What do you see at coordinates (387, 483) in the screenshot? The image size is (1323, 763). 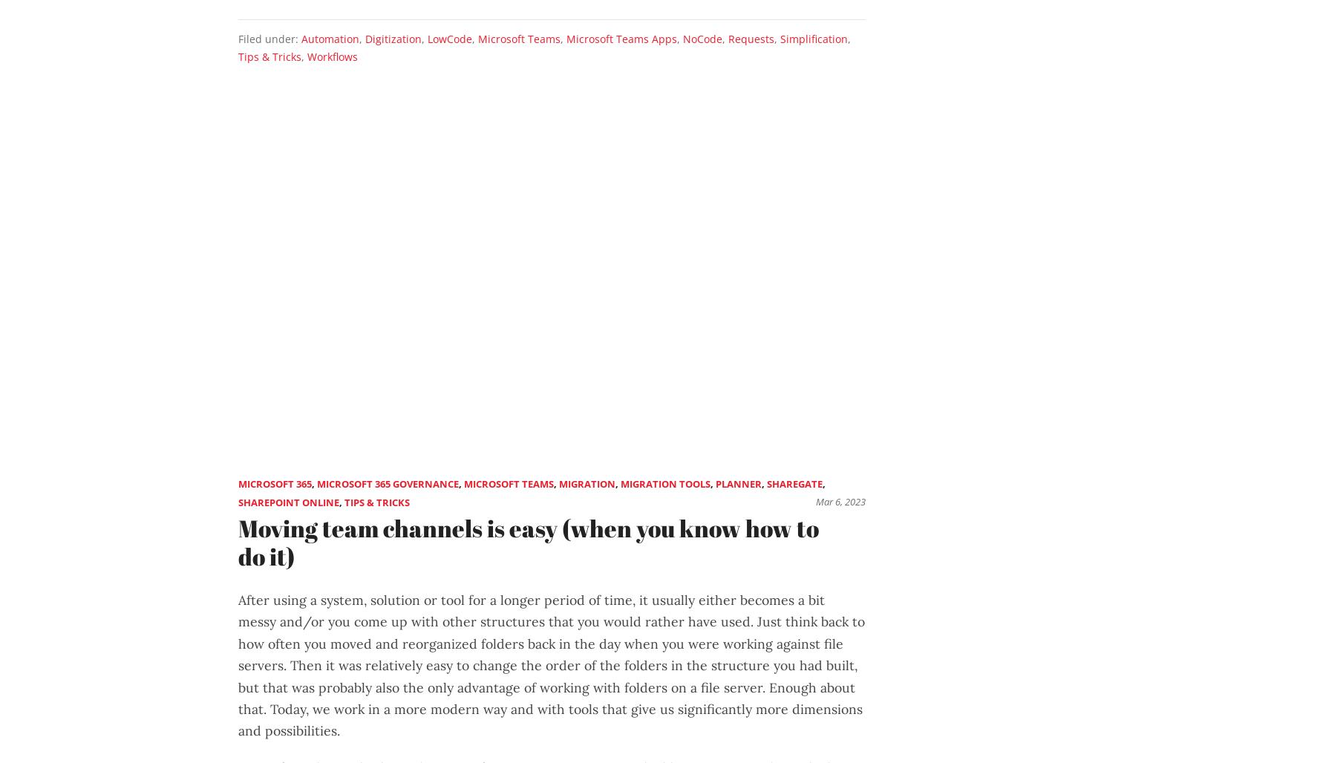 I see `'Microsoft 365 Governance'` at bounding box center [387, 483].